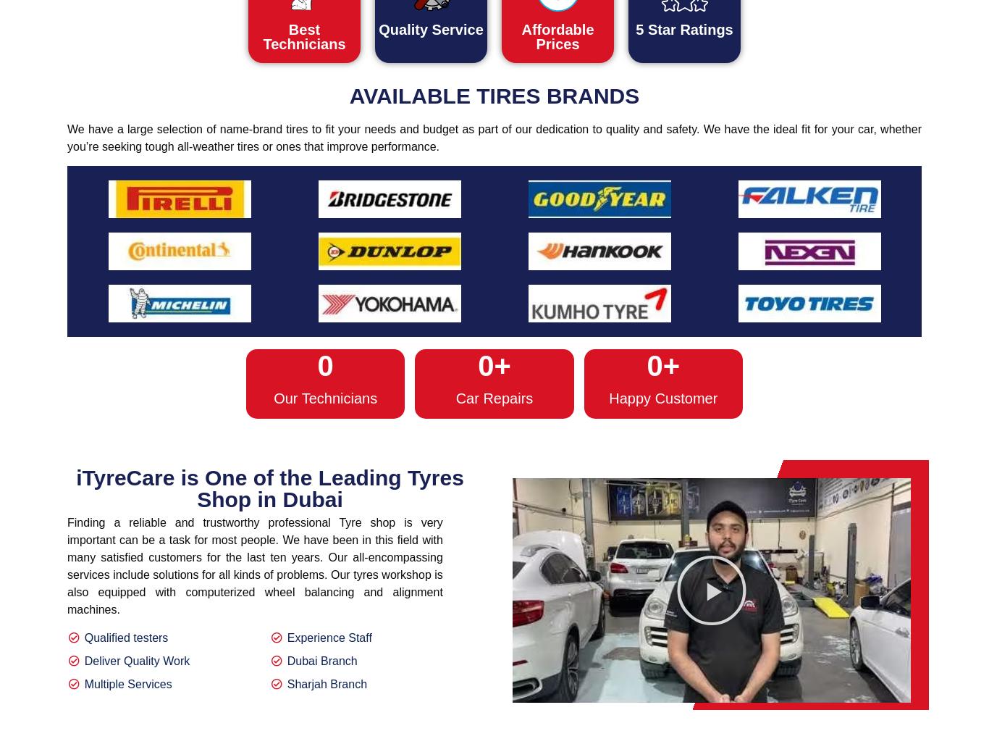 The image size is (989, 731). I want to click on 'Happy Customer', so click(663, 398).